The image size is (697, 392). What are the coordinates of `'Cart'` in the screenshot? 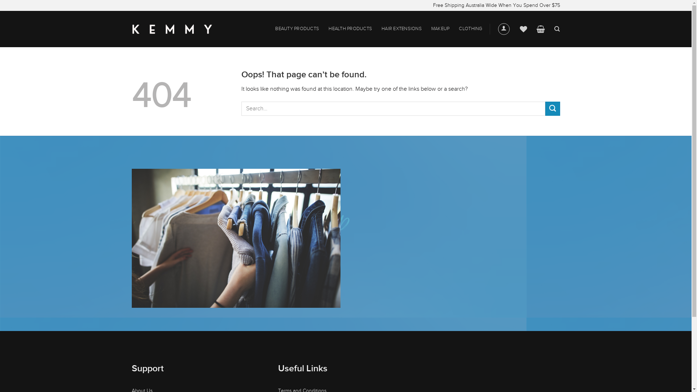 It's located at (541, 29).